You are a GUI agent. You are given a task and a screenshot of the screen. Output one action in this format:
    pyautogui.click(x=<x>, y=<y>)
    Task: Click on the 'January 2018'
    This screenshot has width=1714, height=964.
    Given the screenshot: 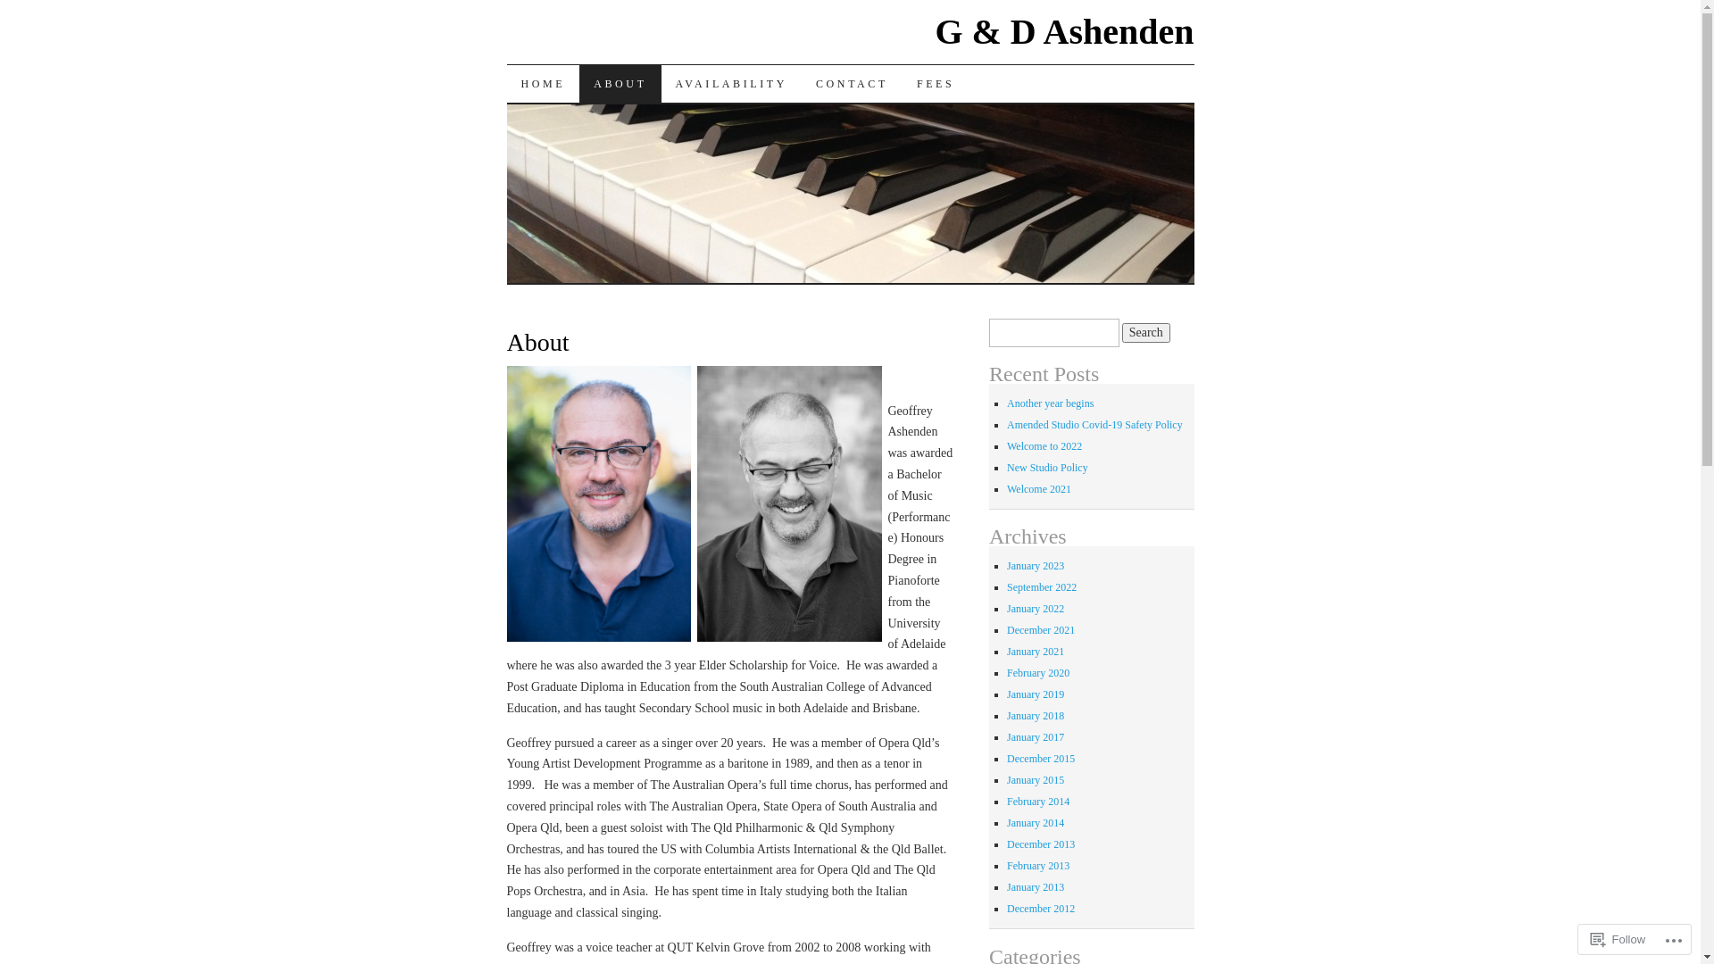 What is the action you would take?
    pyautogui.click(x=1036, y=715)
    